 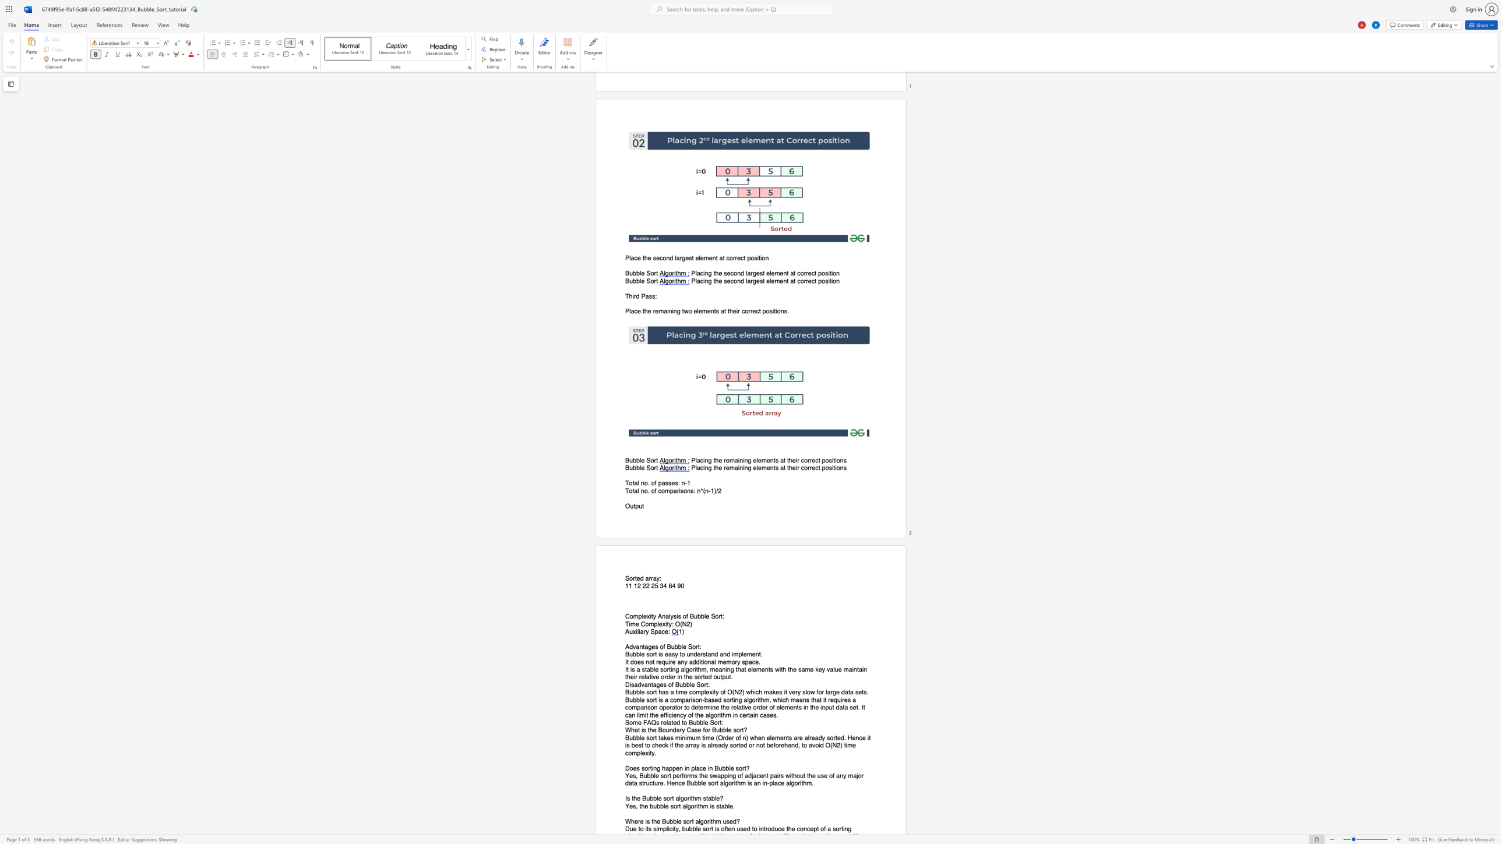 I want to click on the subset text "id O(N2) ti" within the text "Bubble sort takes minimum time (Order of n) when elements are already sorted. Hence it is best to check if the array is already sorted or not beforehand, to avoid O(N2) time complexity.", so click(x=818, y=745).